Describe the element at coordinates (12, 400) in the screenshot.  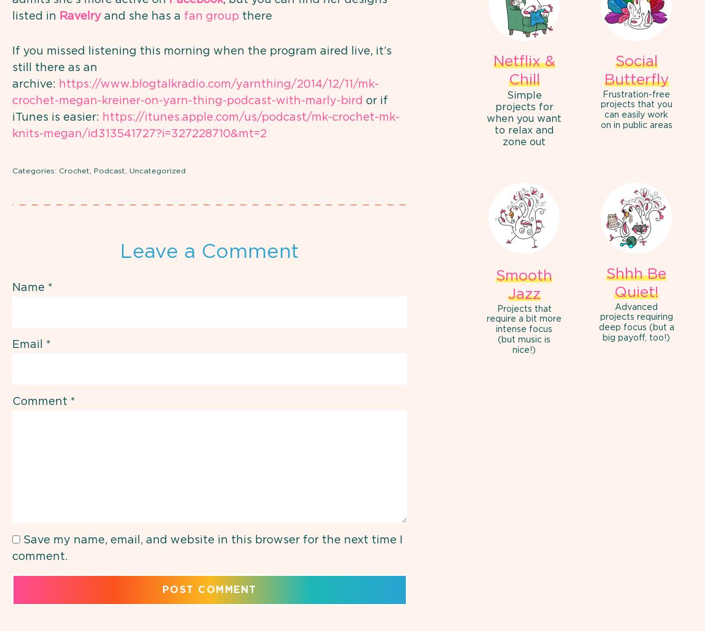
I see `'Comment'` at that location.